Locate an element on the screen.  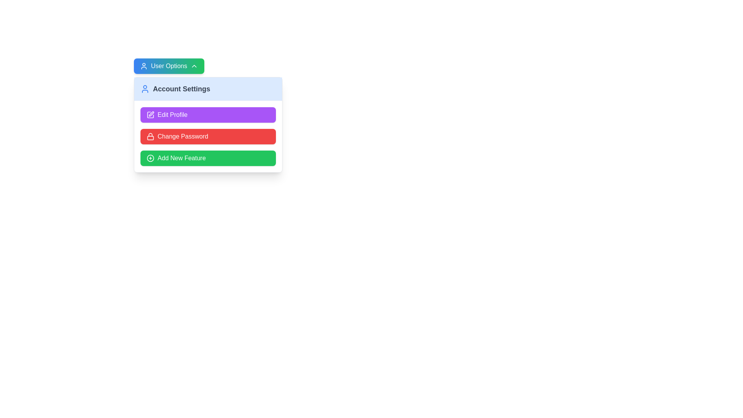
the upward-pointing chevron icon next to the 'User Options' button, which has a green gradient background is located at coordinates (194, 65).